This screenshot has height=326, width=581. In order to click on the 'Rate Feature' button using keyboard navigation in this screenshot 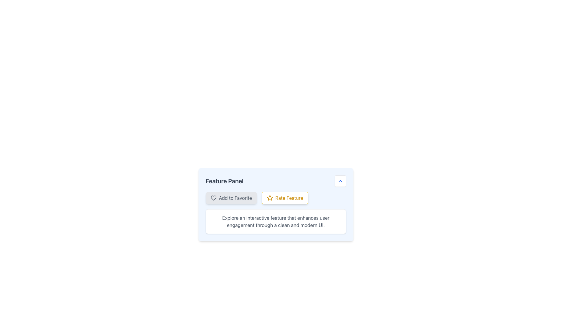, I will do `click(275, 198)`.